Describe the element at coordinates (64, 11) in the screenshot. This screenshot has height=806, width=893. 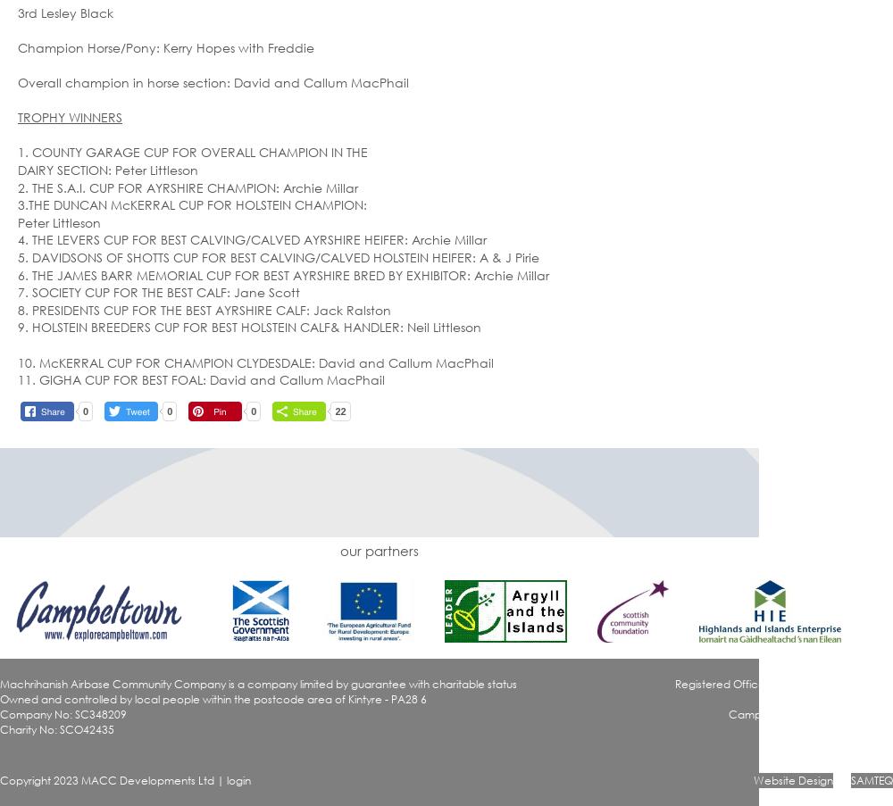
I see `'3rd Lesley Black'` at that location.